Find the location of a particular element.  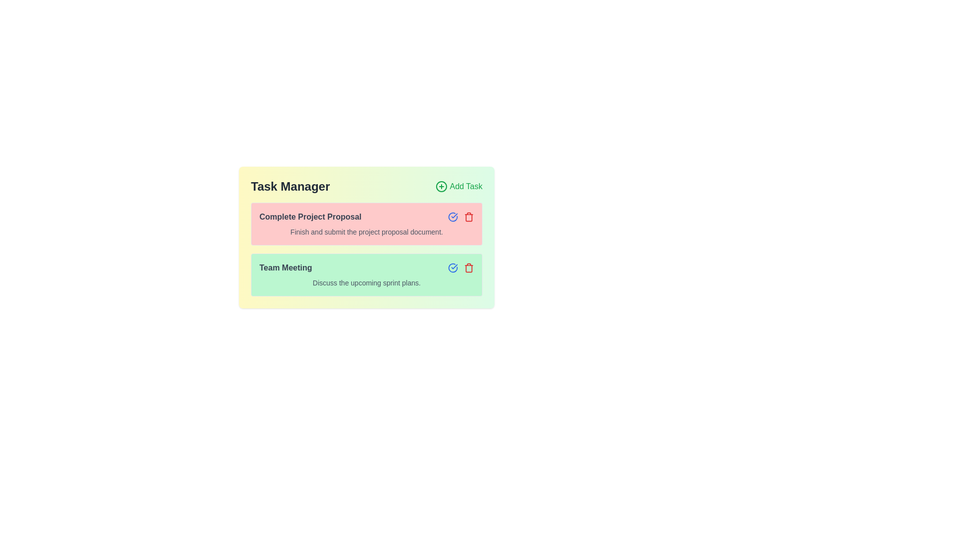

the blue circular interactive icon with a check mark located within the green-highlighted task tile of 'Team Meeting', positioned to the left of the trash bin icon is located at coordinates (452, 217).